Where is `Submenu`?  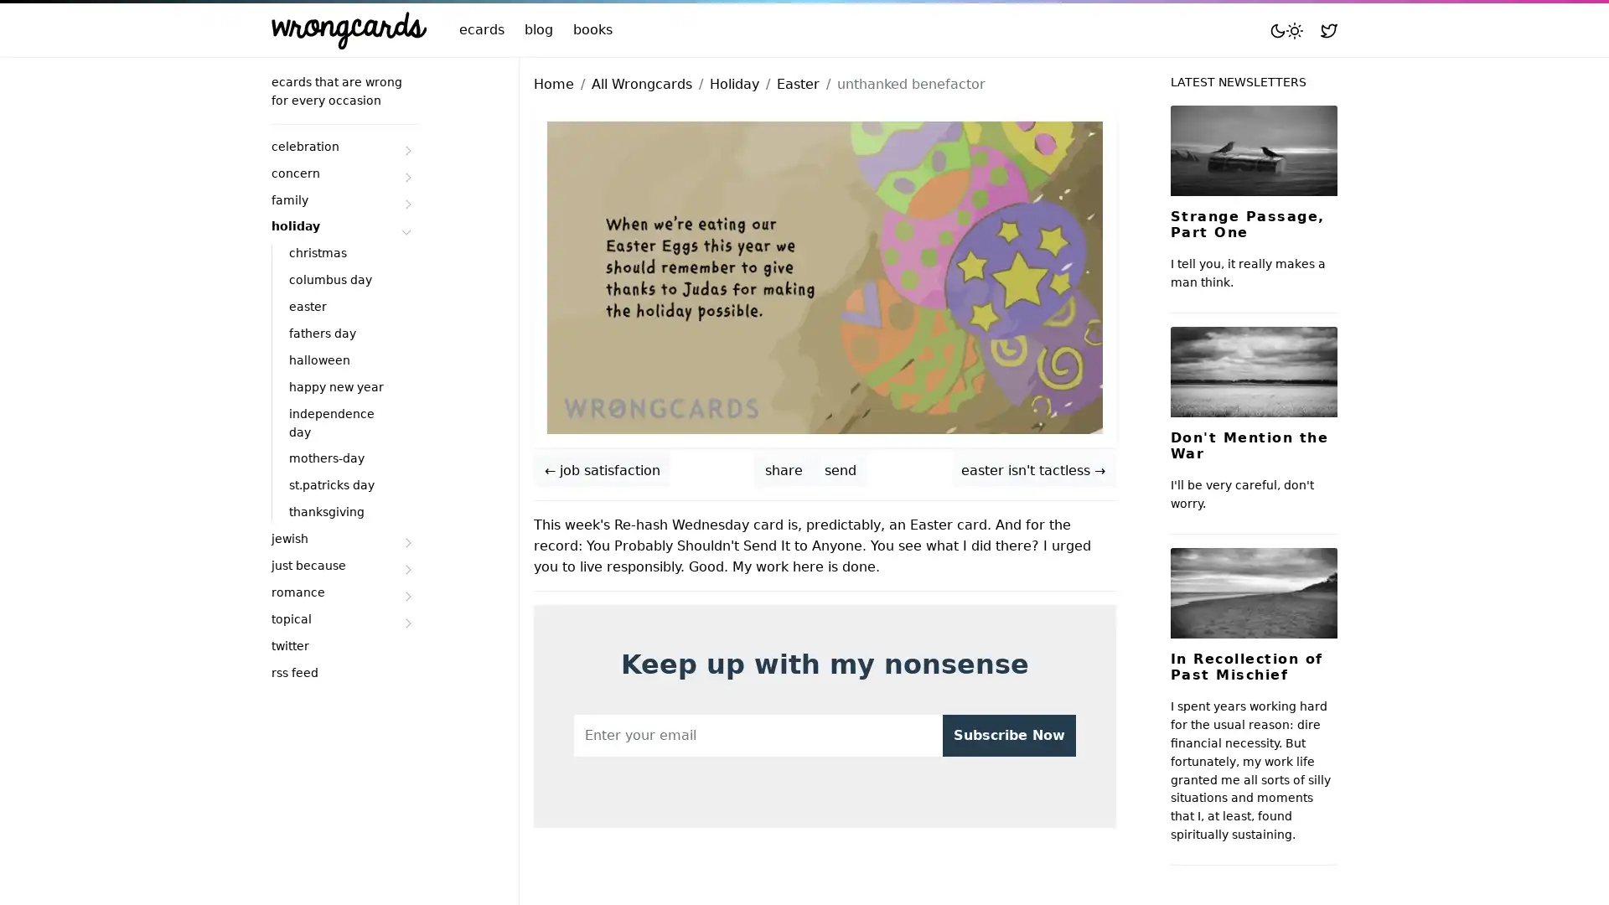
Submenu is located at coordinates (406, 148).